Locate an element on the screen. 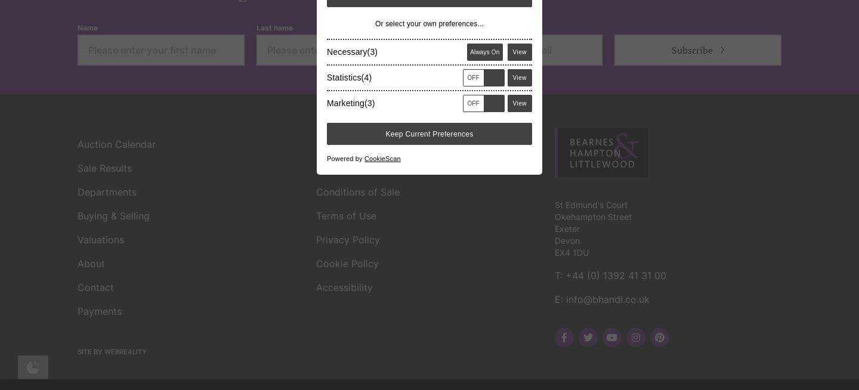 This screenshot has width=859, height=390. 'T: +44 (0) 1392 41 31 00' is located at coordinates (554, 103).